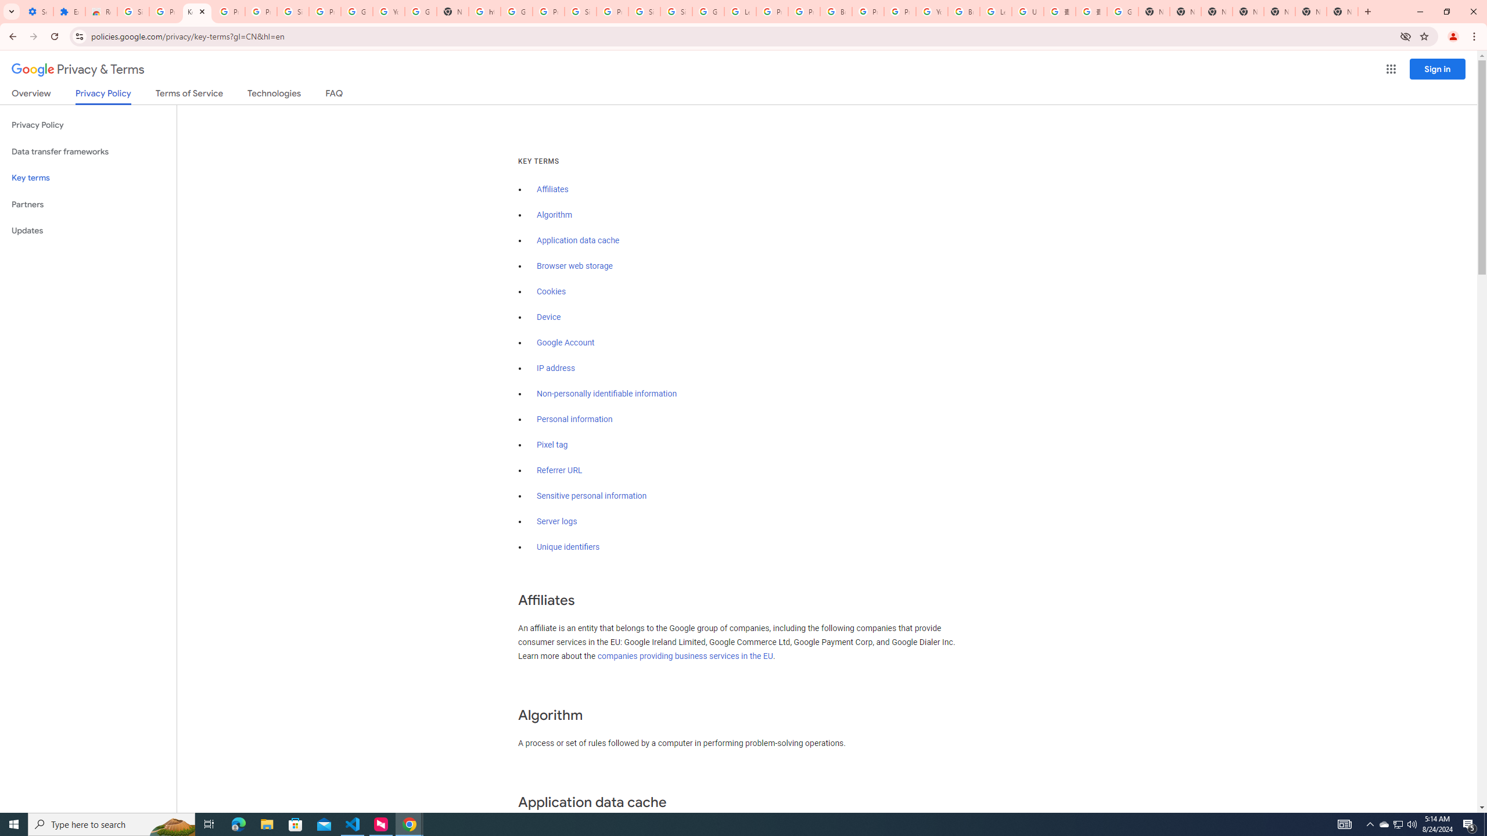 The width and height of the screenshot is (1487, 836). Describe the element at coordinates (574, 265) in the screenshot. I see `'Browser web storage'` at that location.